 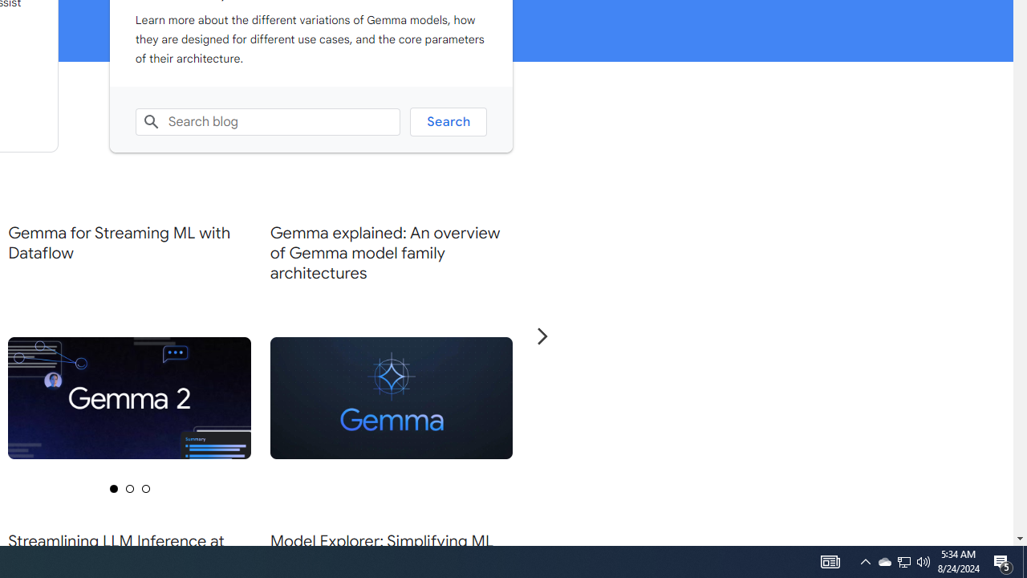 I want to click on 'Selected tab 2 of 3', so click(x=129, y=487).